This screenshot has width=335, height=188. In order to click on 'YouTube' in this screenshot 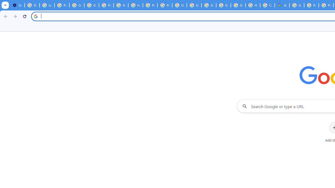, I will do `click(121, 5)`.